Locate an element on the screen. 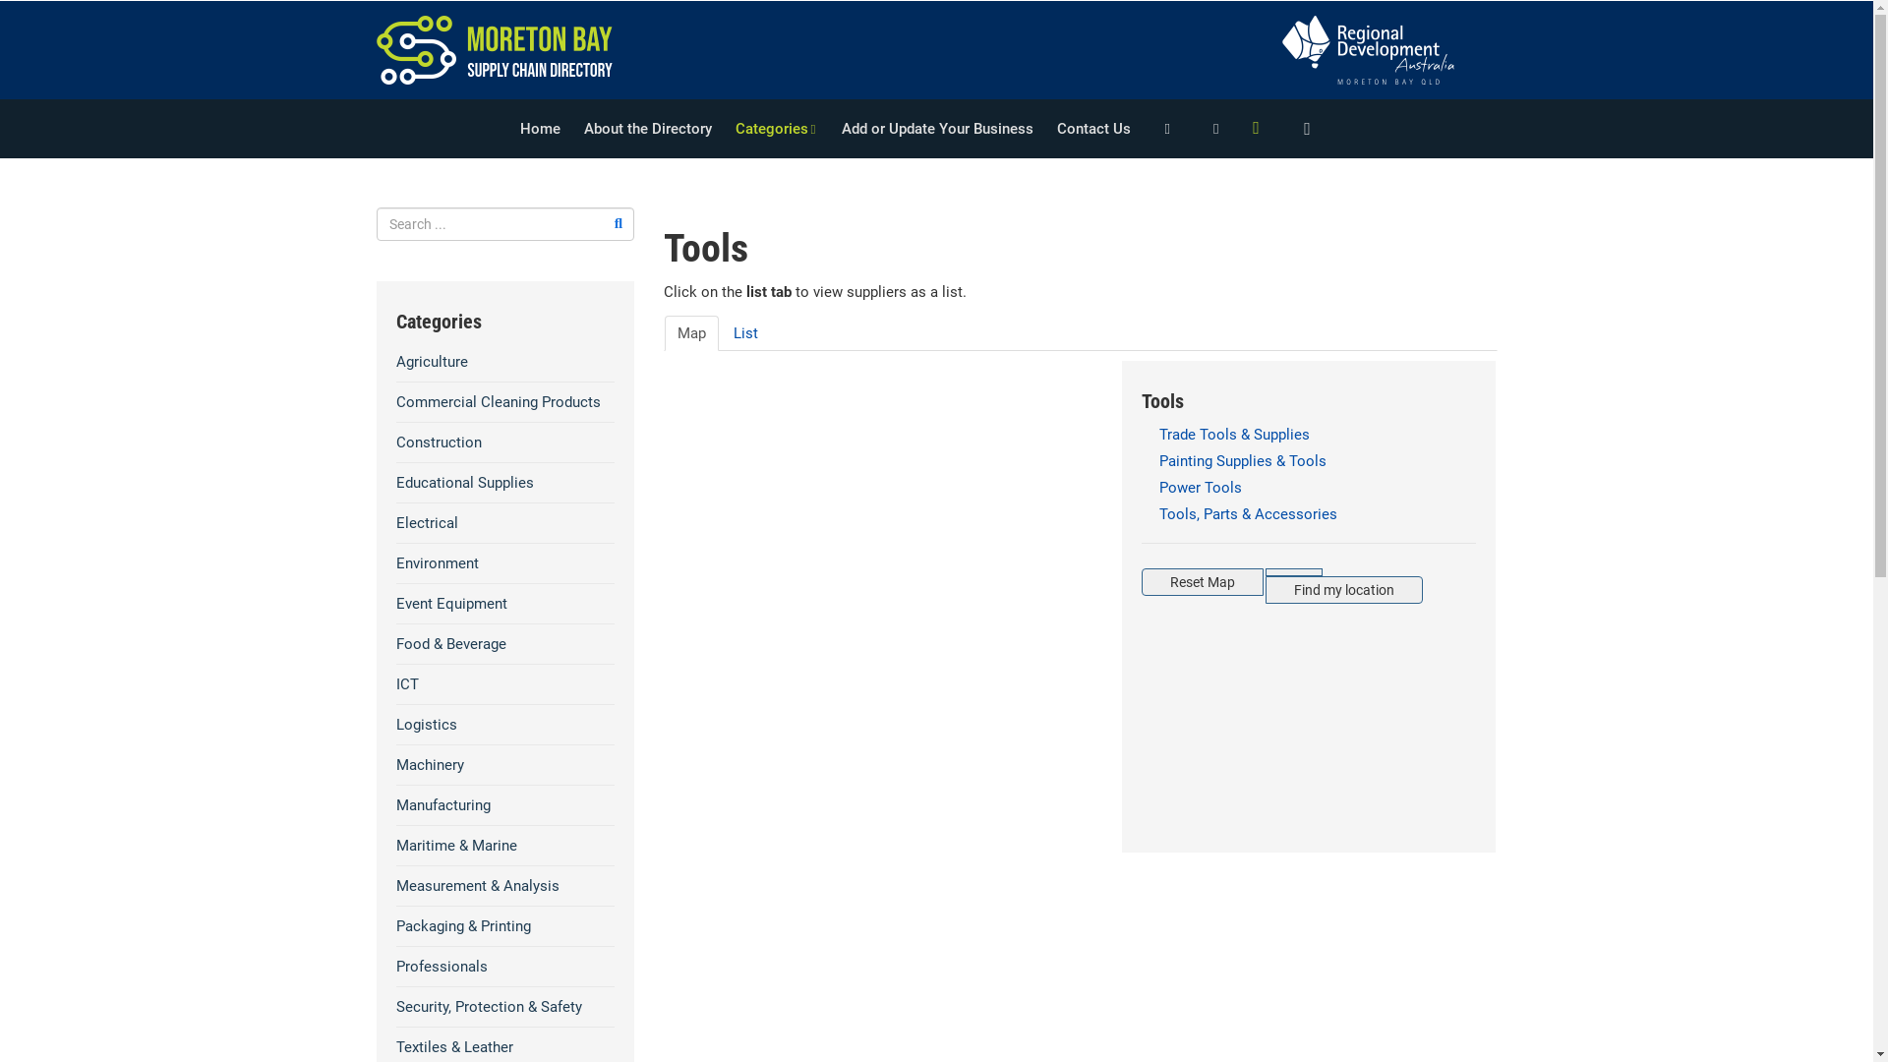 This screenshot has width=1888, height=1062. 'Painting Supplies & Tools' is located at coordinates (1308, 461).